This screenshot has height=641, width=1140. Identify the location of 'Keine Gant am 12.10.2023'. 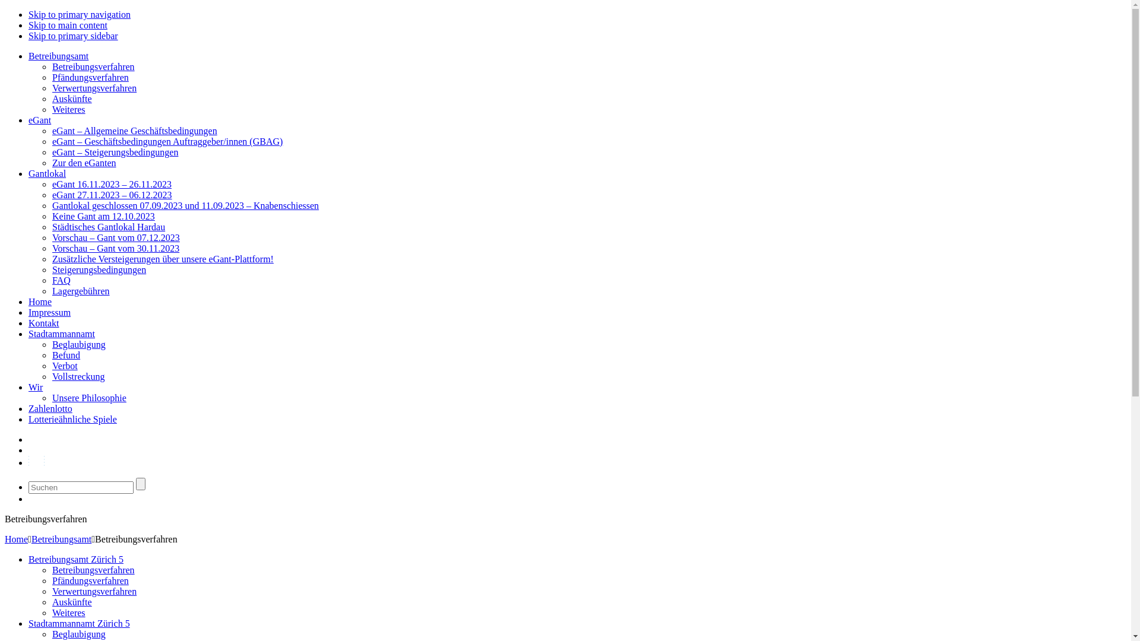
(103, 216).